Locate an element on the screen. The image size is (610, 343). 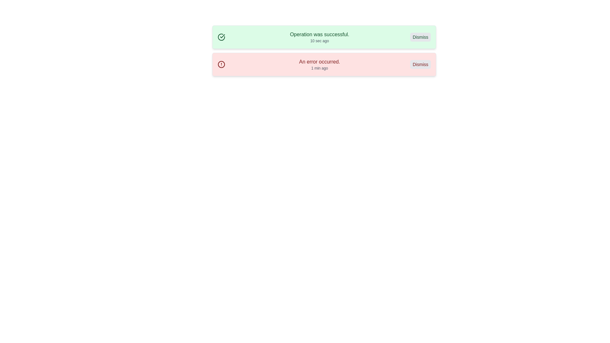
text displayed in the error notification labeled 'An error occurred.' which is prominently styled on a light red background is located at coordinates (320, 62).